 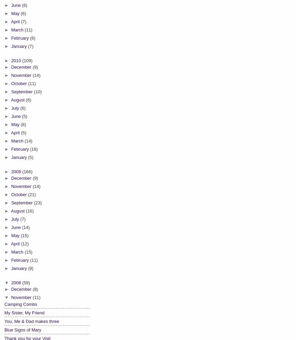 What do you see at coordinates (4, 312) in the screenshot?
I see `'My Sister, My Friend'` at bounding box center [4, 312].